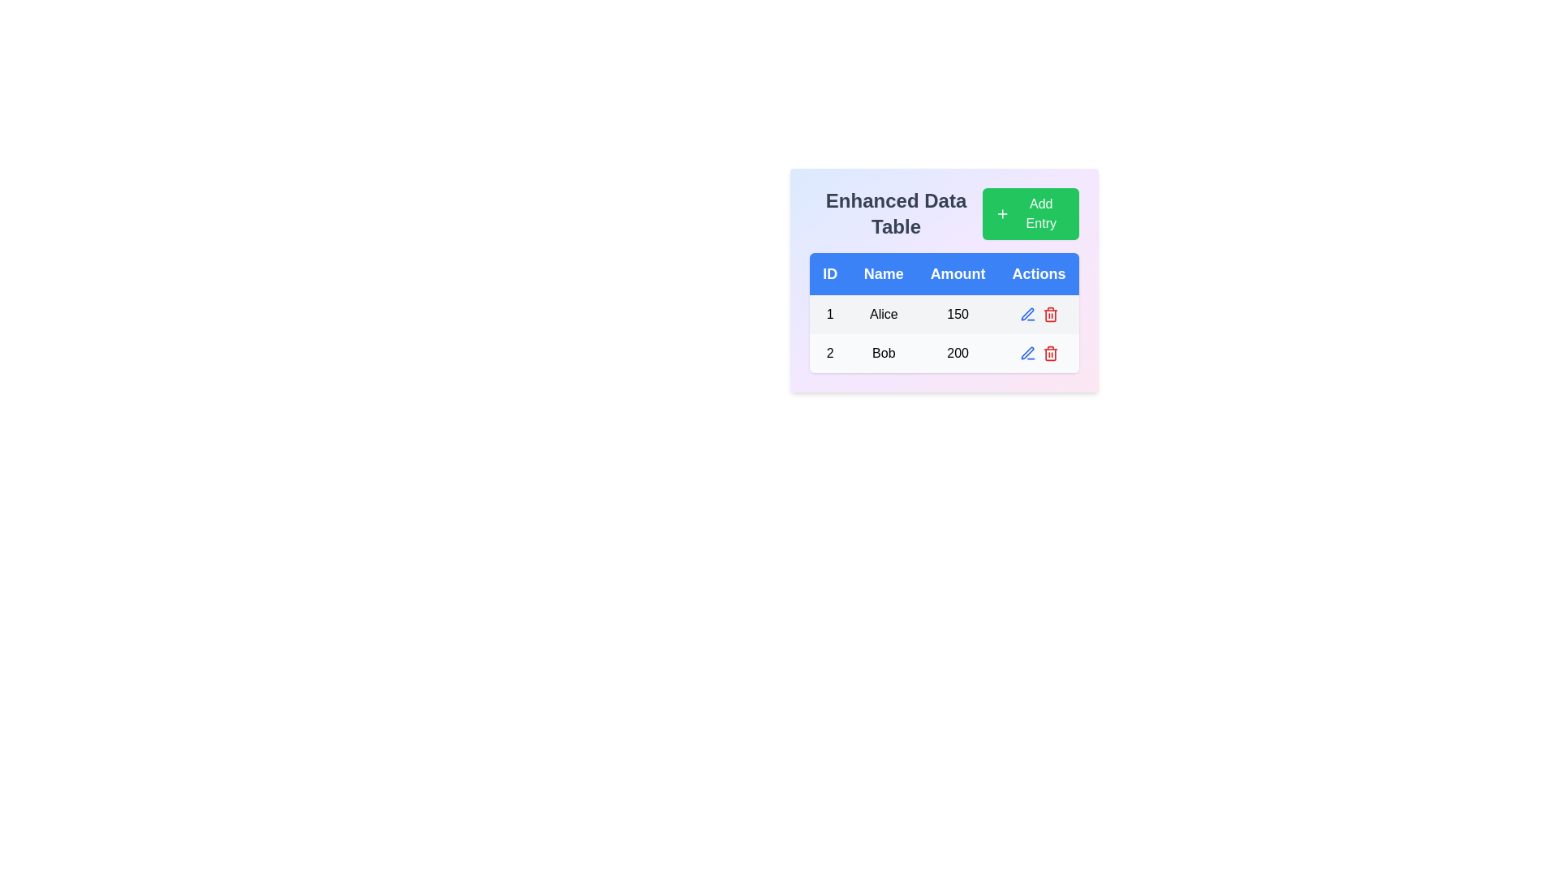  I want to click on the 'Name' text label, which is a rectangular label displaying the word 'Name' in white font on a blue background, positioned centrally in the header row of a data table, so click(883, 273).